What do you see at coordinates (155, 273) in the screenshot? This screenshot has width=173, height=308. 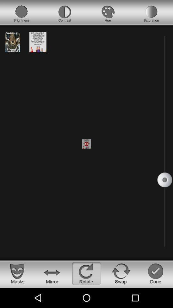 I see `indicate you are done` at bounding box center [155, 273].